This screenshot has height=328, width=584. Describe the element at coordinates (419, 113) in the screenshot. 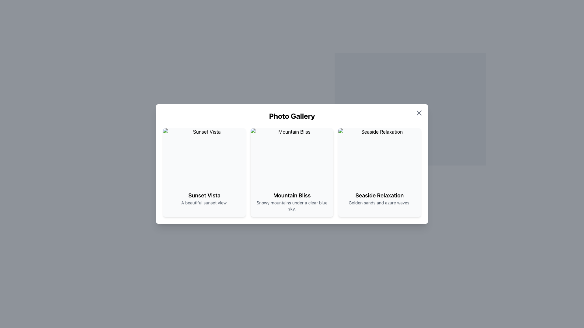

I see `the close icon located in the top-right corner of the white modal overlay` at that location.